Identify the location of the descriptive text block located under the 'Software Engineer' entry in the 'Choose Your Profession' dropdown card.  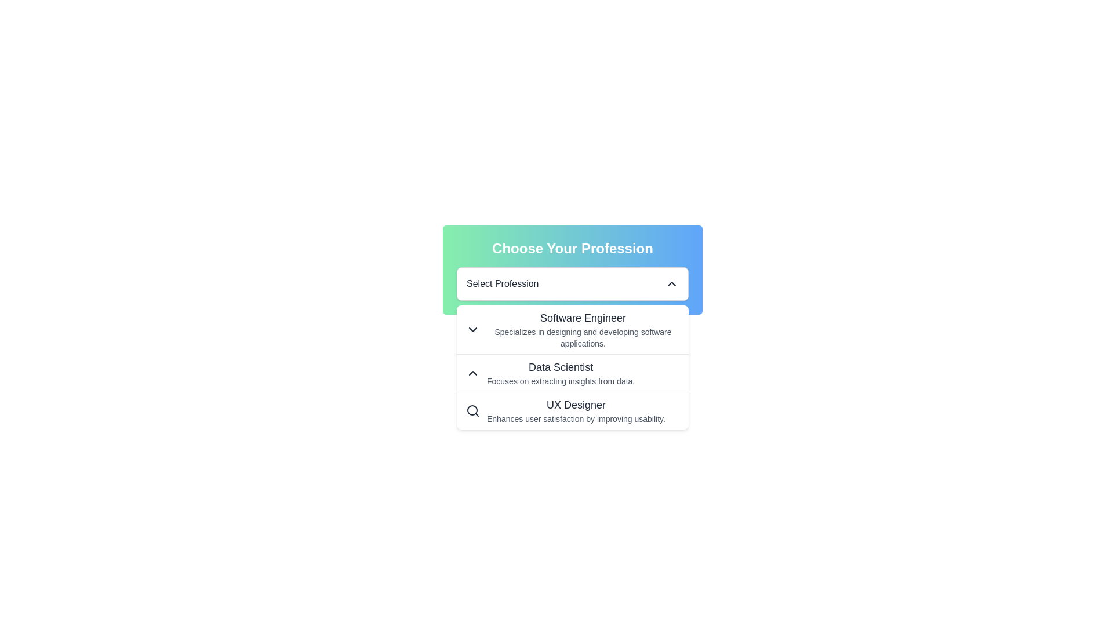
(583, 337).